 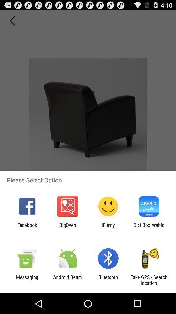 I want to click on item next to the ifunny app, so click(x=67, y=228).